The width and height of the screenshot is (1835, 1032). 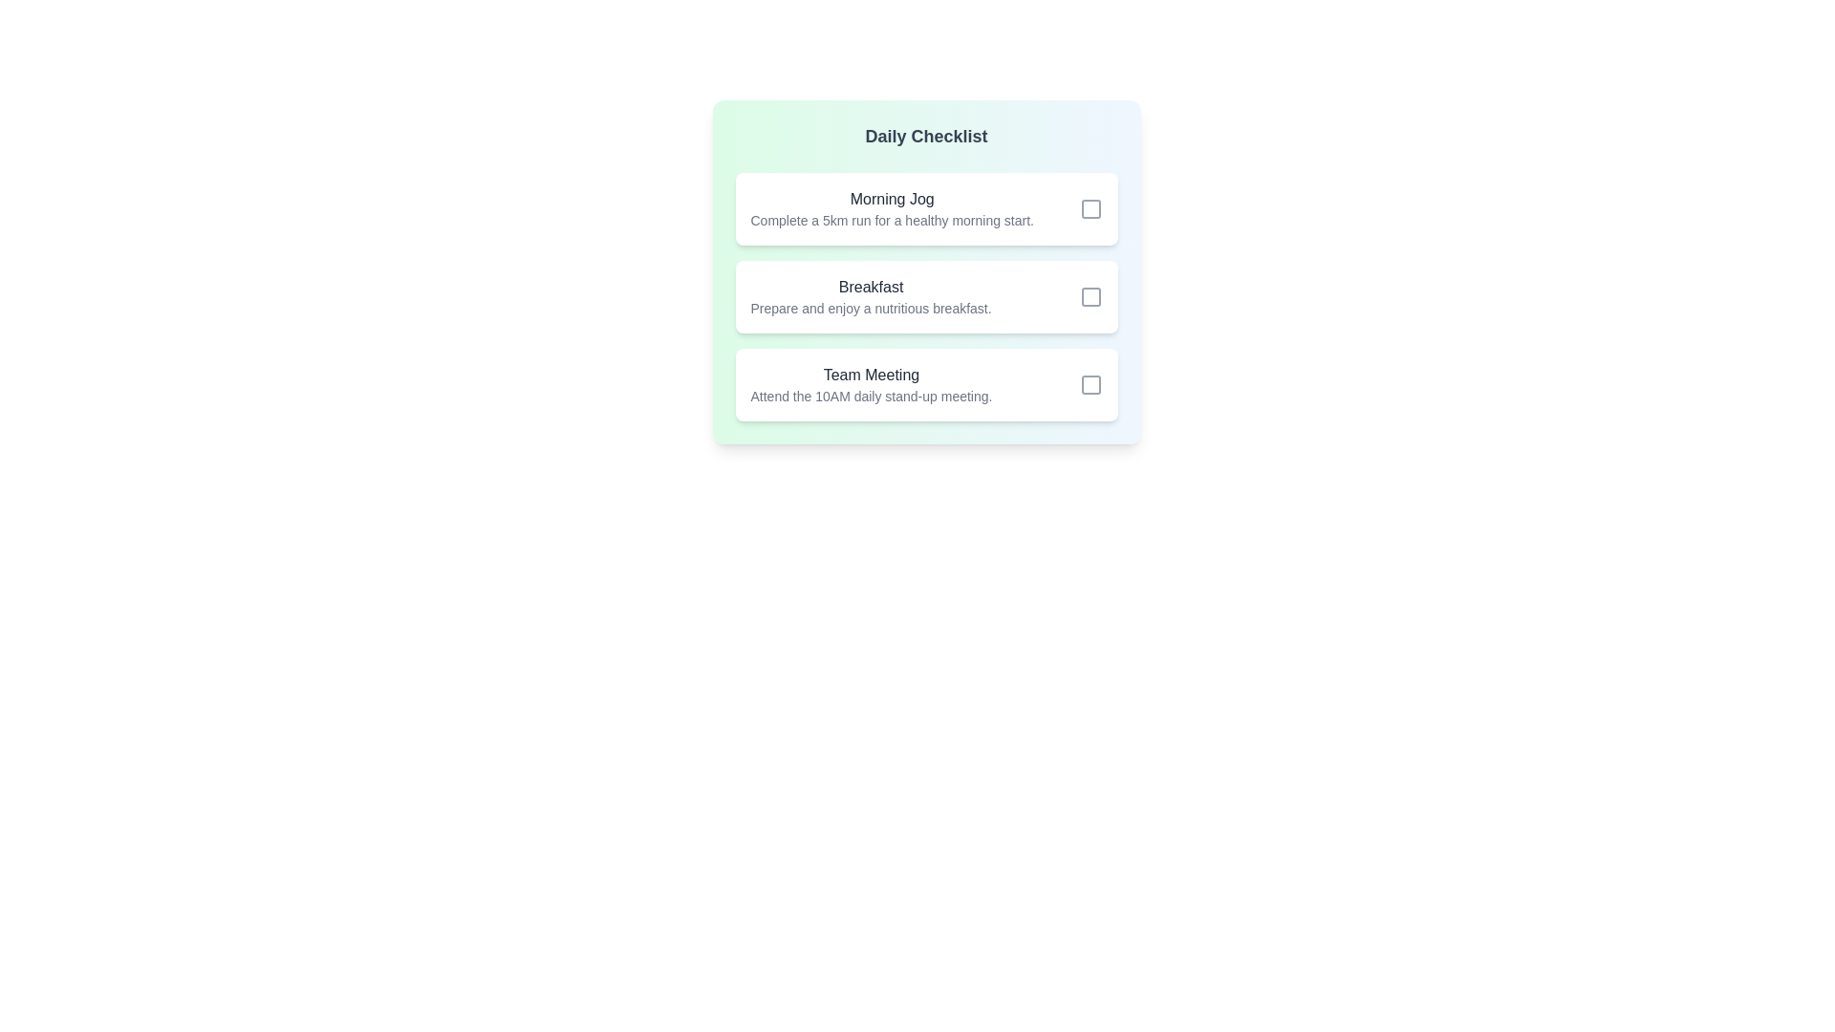 I want to click on the task titled Morning Jog to view its description, so click(x=891, y=199).